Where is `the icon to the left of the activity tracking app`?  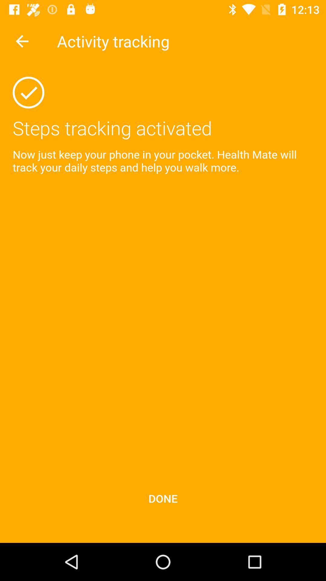 the icon to the left of the activity tracking app is located at coordinates (22, 41).